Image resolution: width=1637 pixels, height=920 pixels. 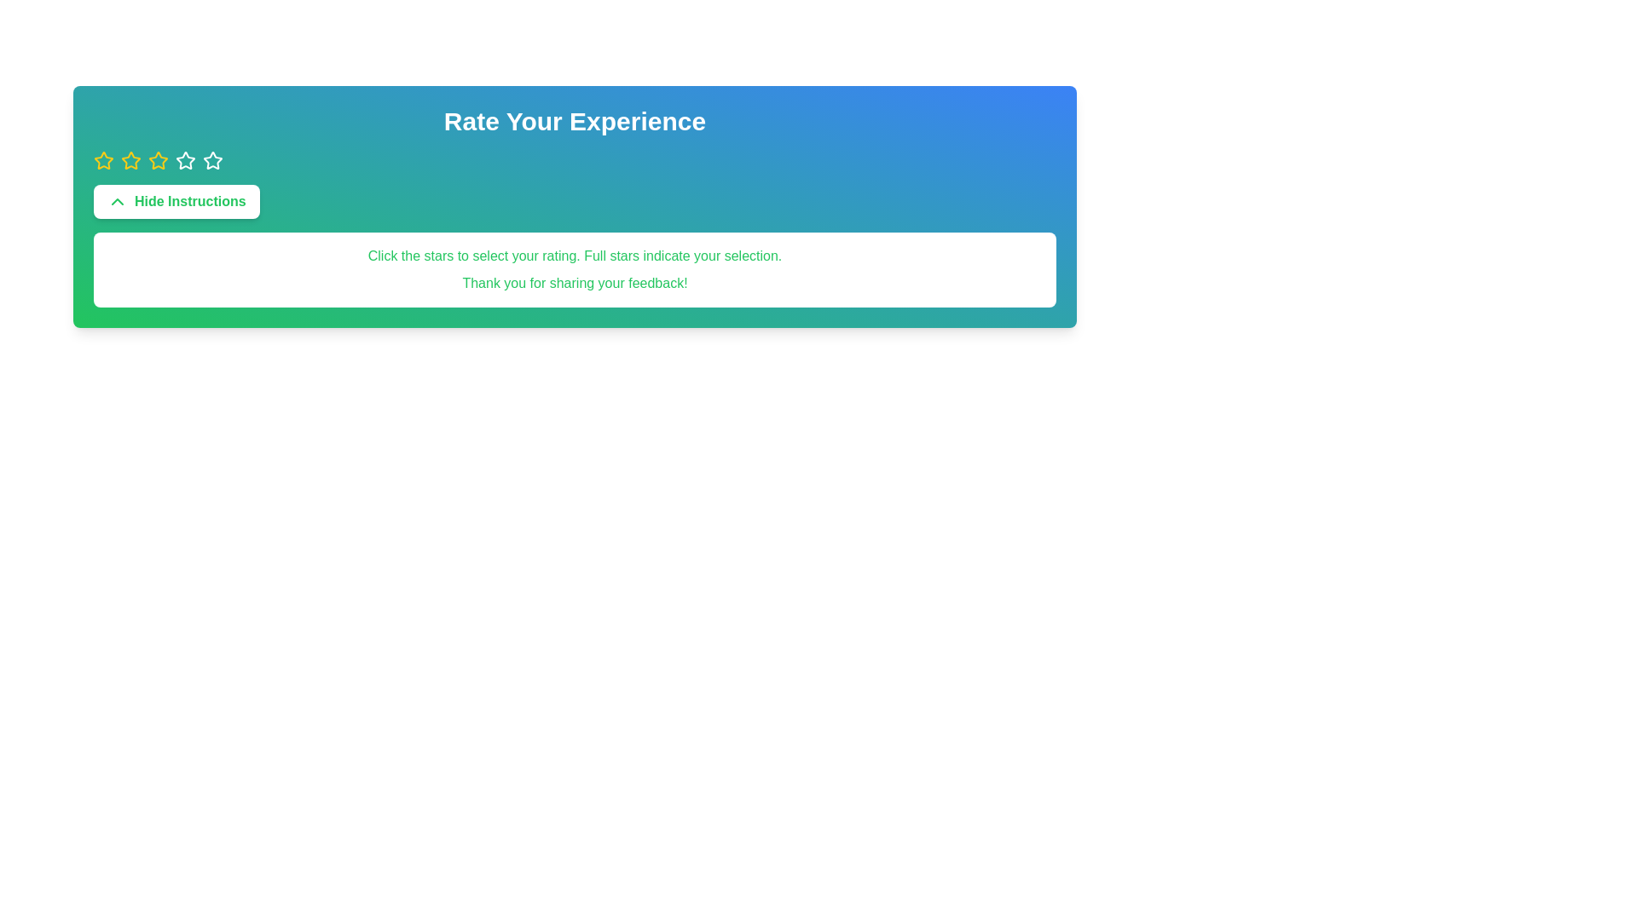 I want to click on the second star icon in the interactive rating system to set the rating to two stars, so click(x=130, y=161).